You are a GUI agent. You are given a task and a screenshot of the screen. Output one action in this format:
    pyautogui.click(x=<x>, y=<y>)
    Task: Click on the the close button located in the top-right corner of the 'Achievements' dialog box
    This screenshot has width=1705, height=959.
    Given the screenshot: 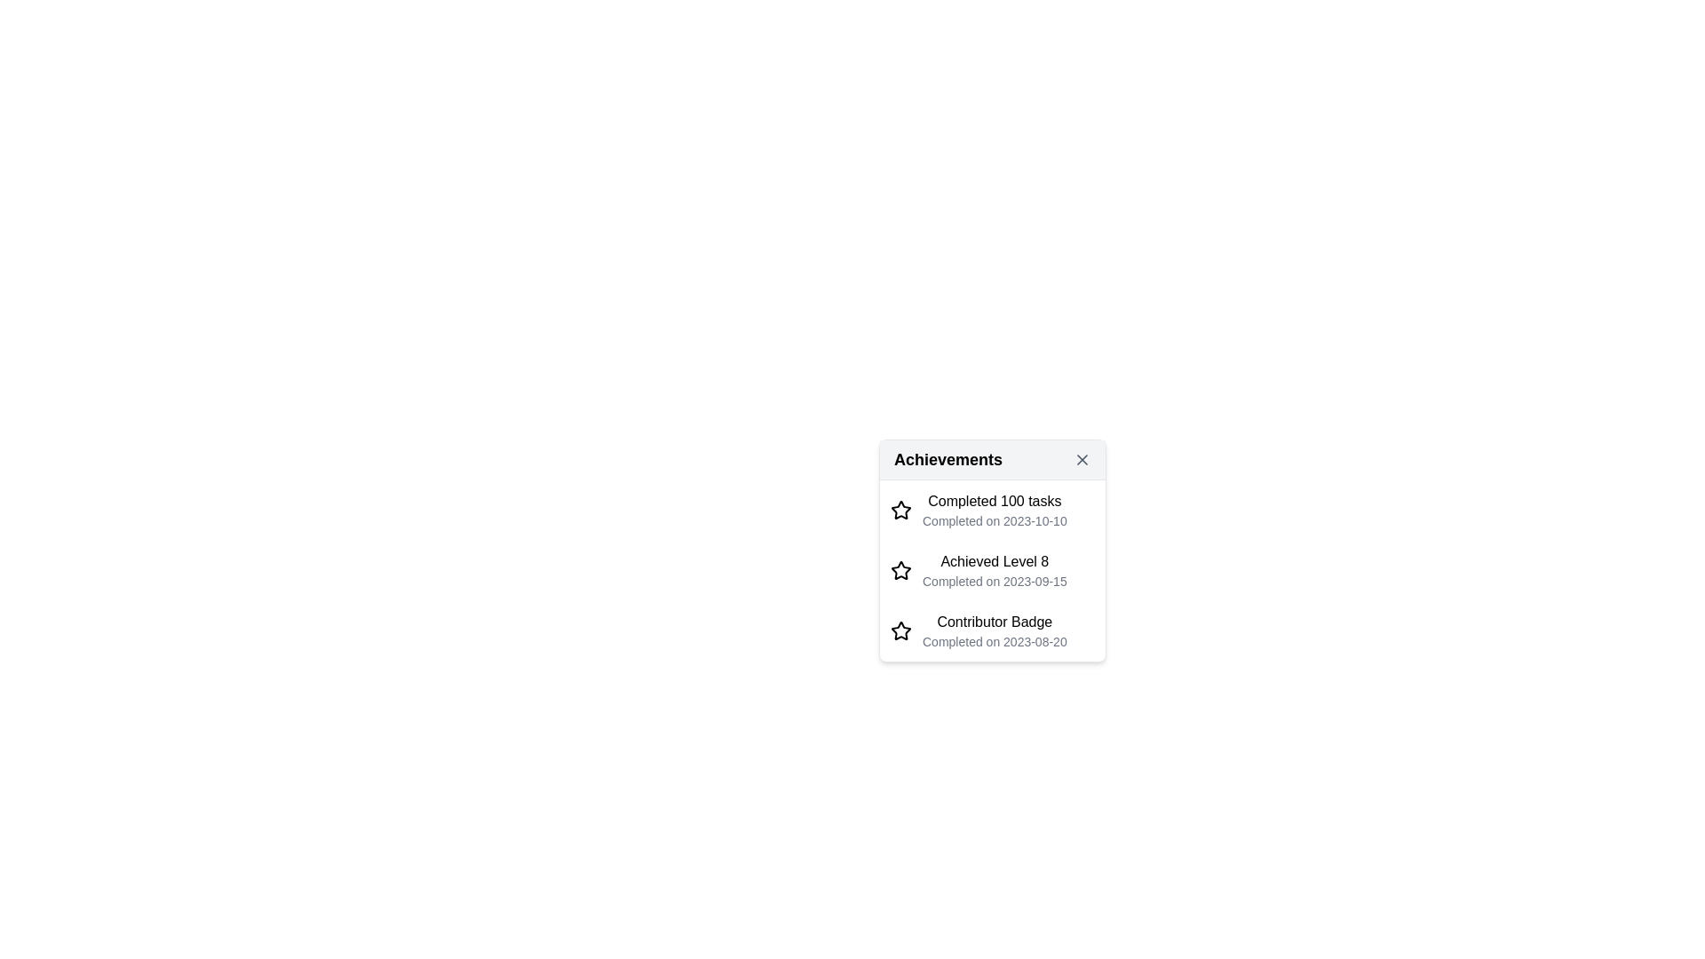 What is the action you would take?
    pyautogui.click(x=1082, y=458)
    